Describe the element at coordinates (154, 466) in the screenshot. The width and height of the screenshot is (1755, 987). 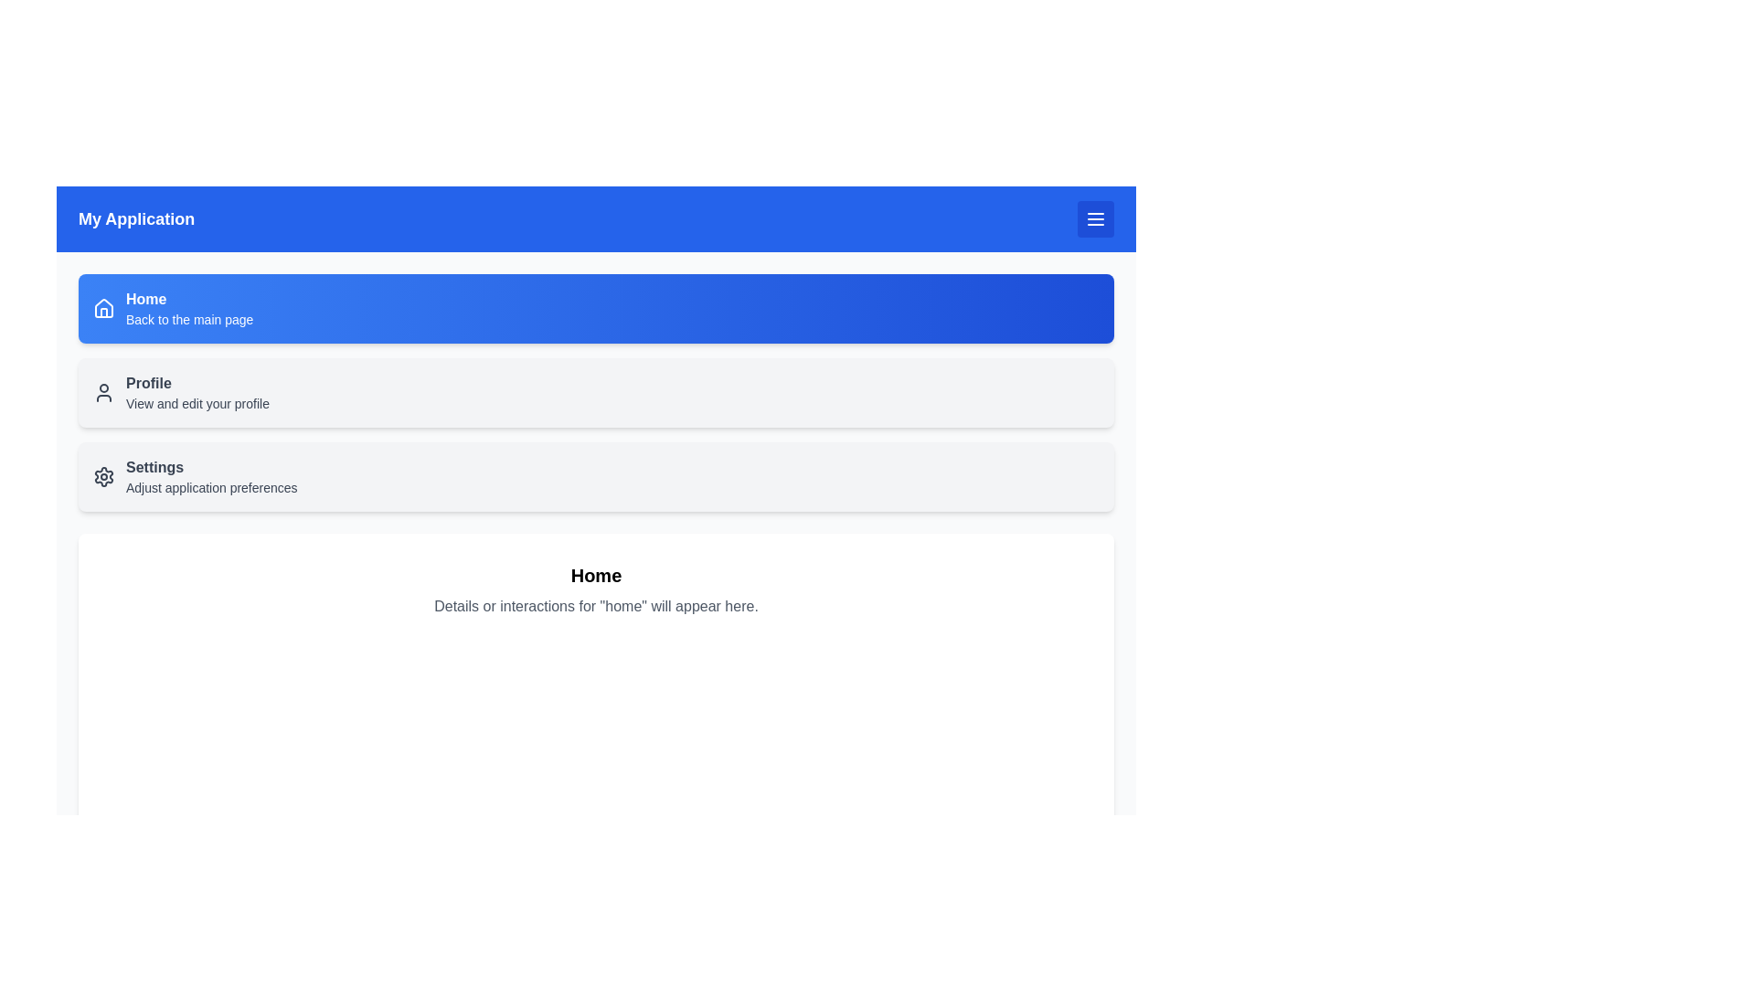
I see `the 'Settings' Text Label, which serves as a header for the Settings menu, to indirectly select the menu option` at that location.